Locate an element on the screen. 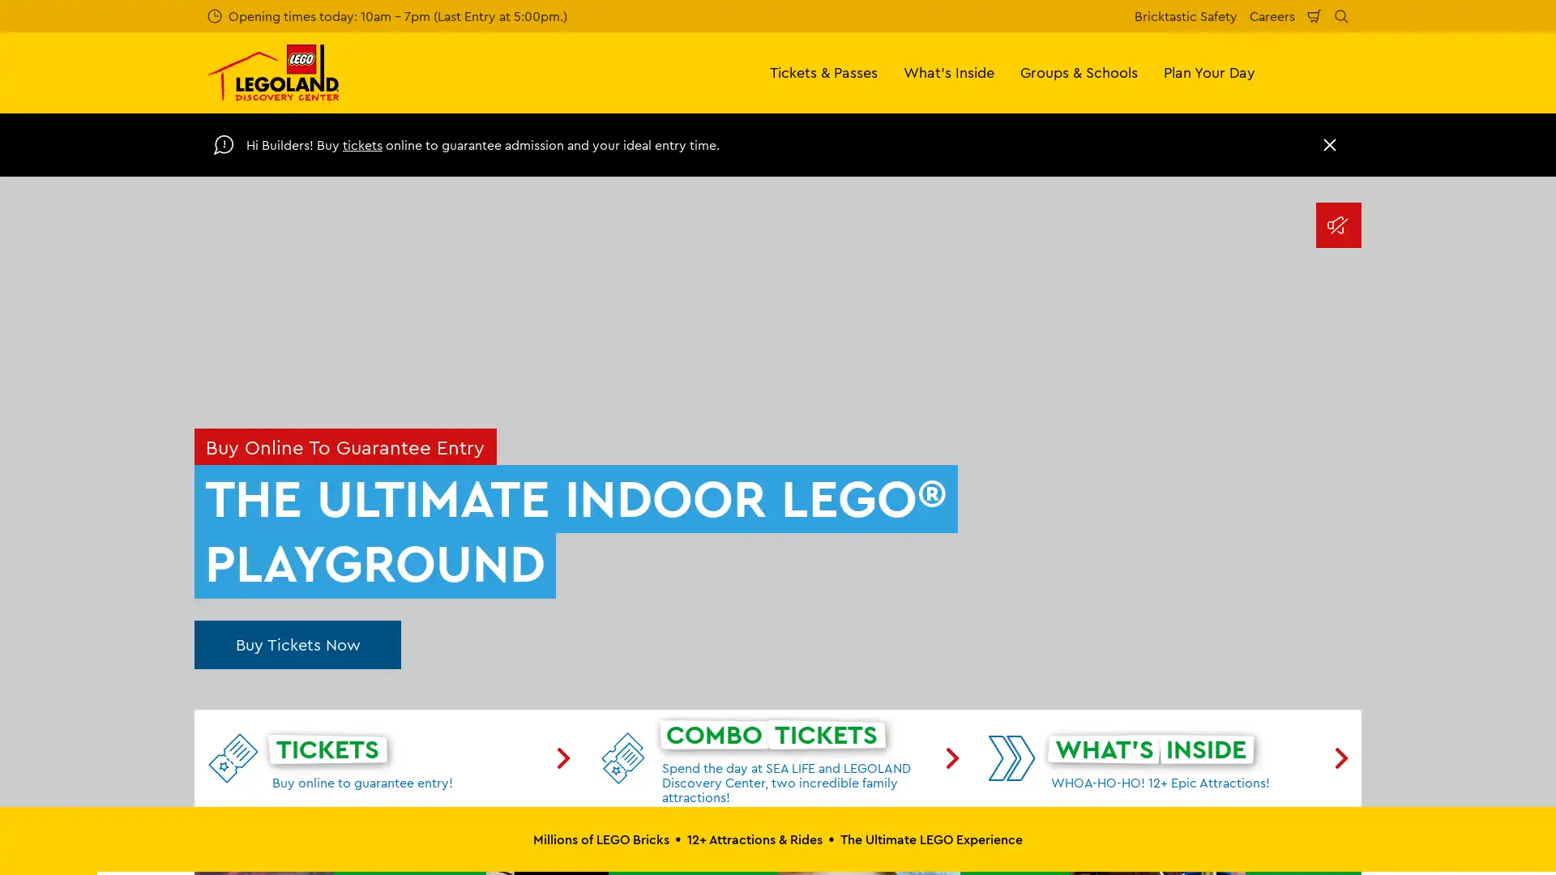 The height and width of the screenshot is (875, 1556). Search is located at coordinates (1341, 15).